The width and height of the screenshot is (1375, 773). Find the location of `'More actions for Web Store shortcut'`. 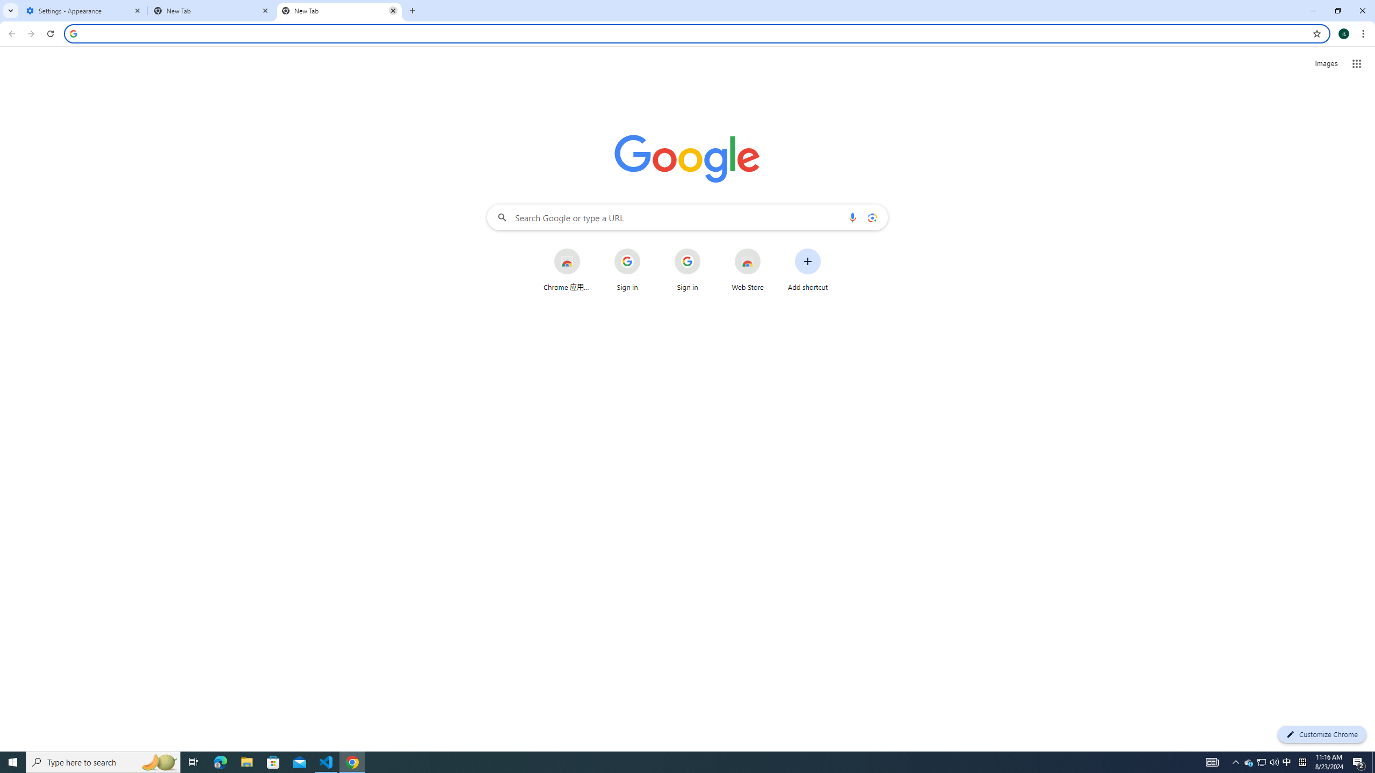

'More actions for Web Store shortcut' is located at coordinates (769, 249).